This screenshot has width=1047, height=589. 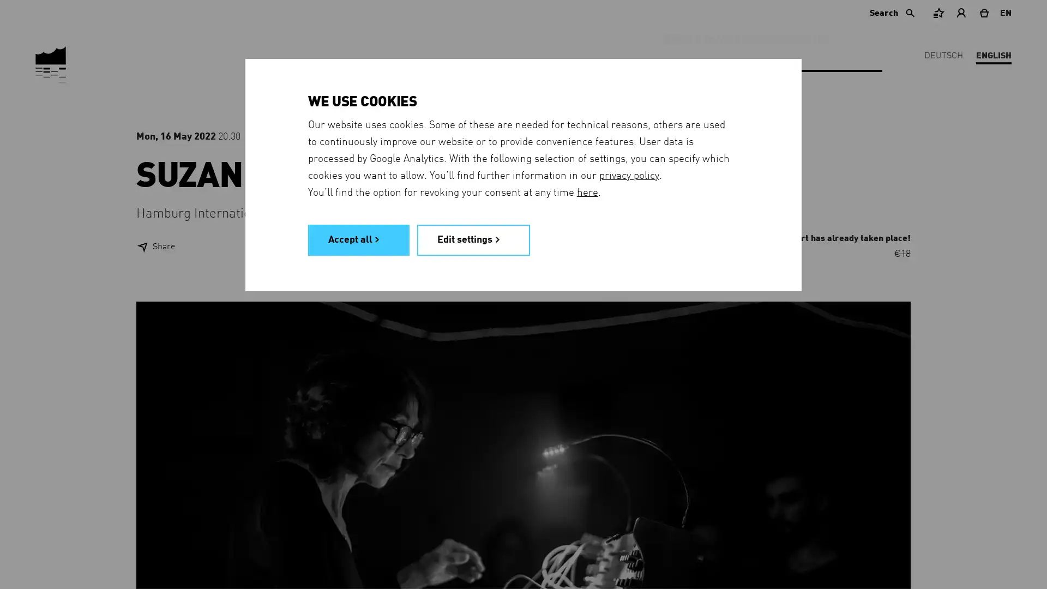 What do you see at coordinates (155, 247) in the screenshot?
I see `Share` at bounding box center [155, 247].